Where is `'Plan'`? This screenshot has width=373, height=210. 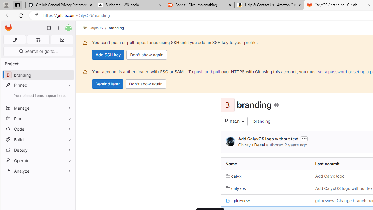
'Plan' is located at coordinates (38, 118).